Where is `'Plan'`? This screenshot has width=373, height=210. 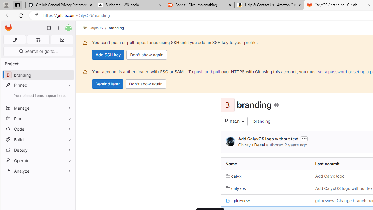
'Plan' is located at coordinates (38, 118).